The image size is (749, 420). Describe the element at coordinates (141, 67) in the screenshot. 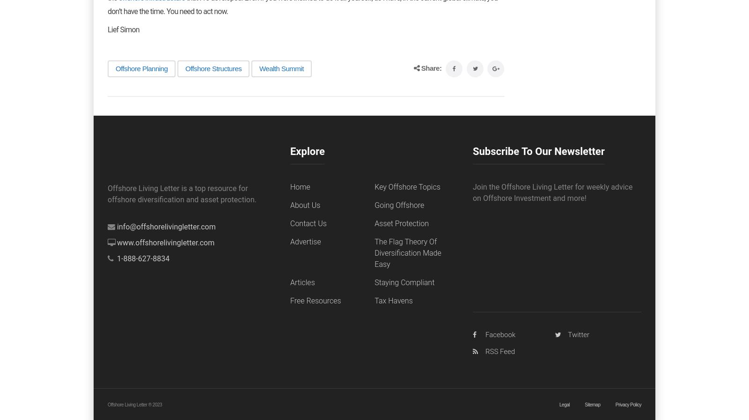

I see `'Offshore Planning'` at that location.